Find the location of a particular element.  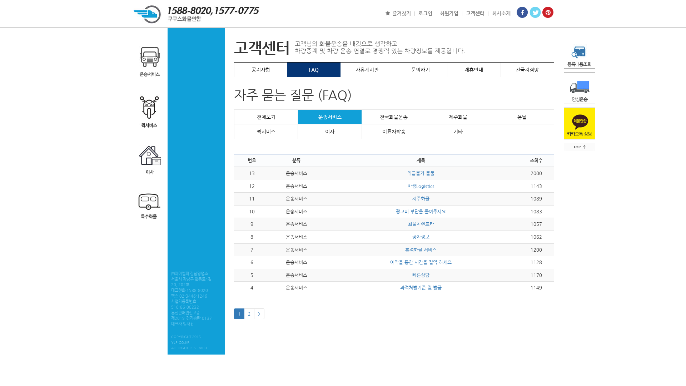

'>' is located at coordinates (259, 313).